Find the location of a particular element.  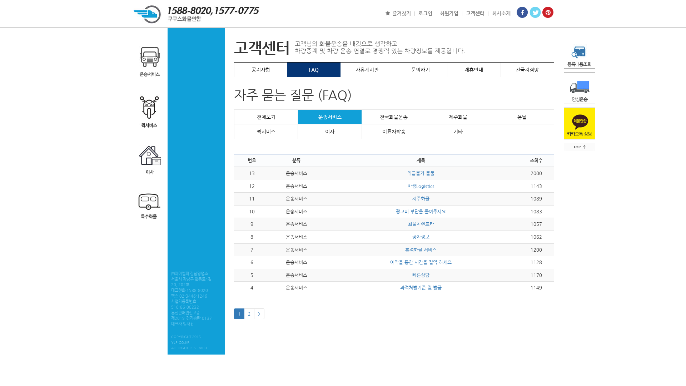

'>' is located at coordinates (259, 313).